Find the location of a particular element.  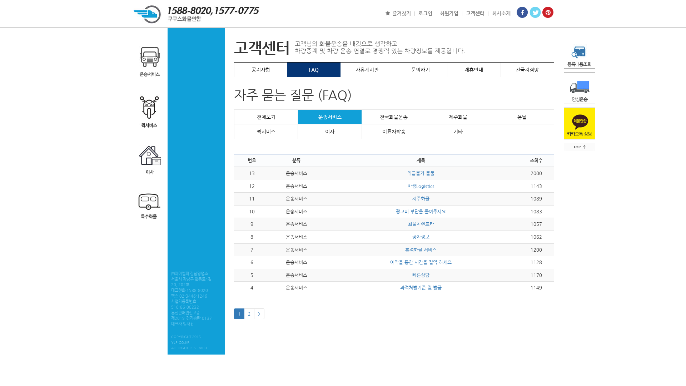

'>' is located at coordinates (259, 313).